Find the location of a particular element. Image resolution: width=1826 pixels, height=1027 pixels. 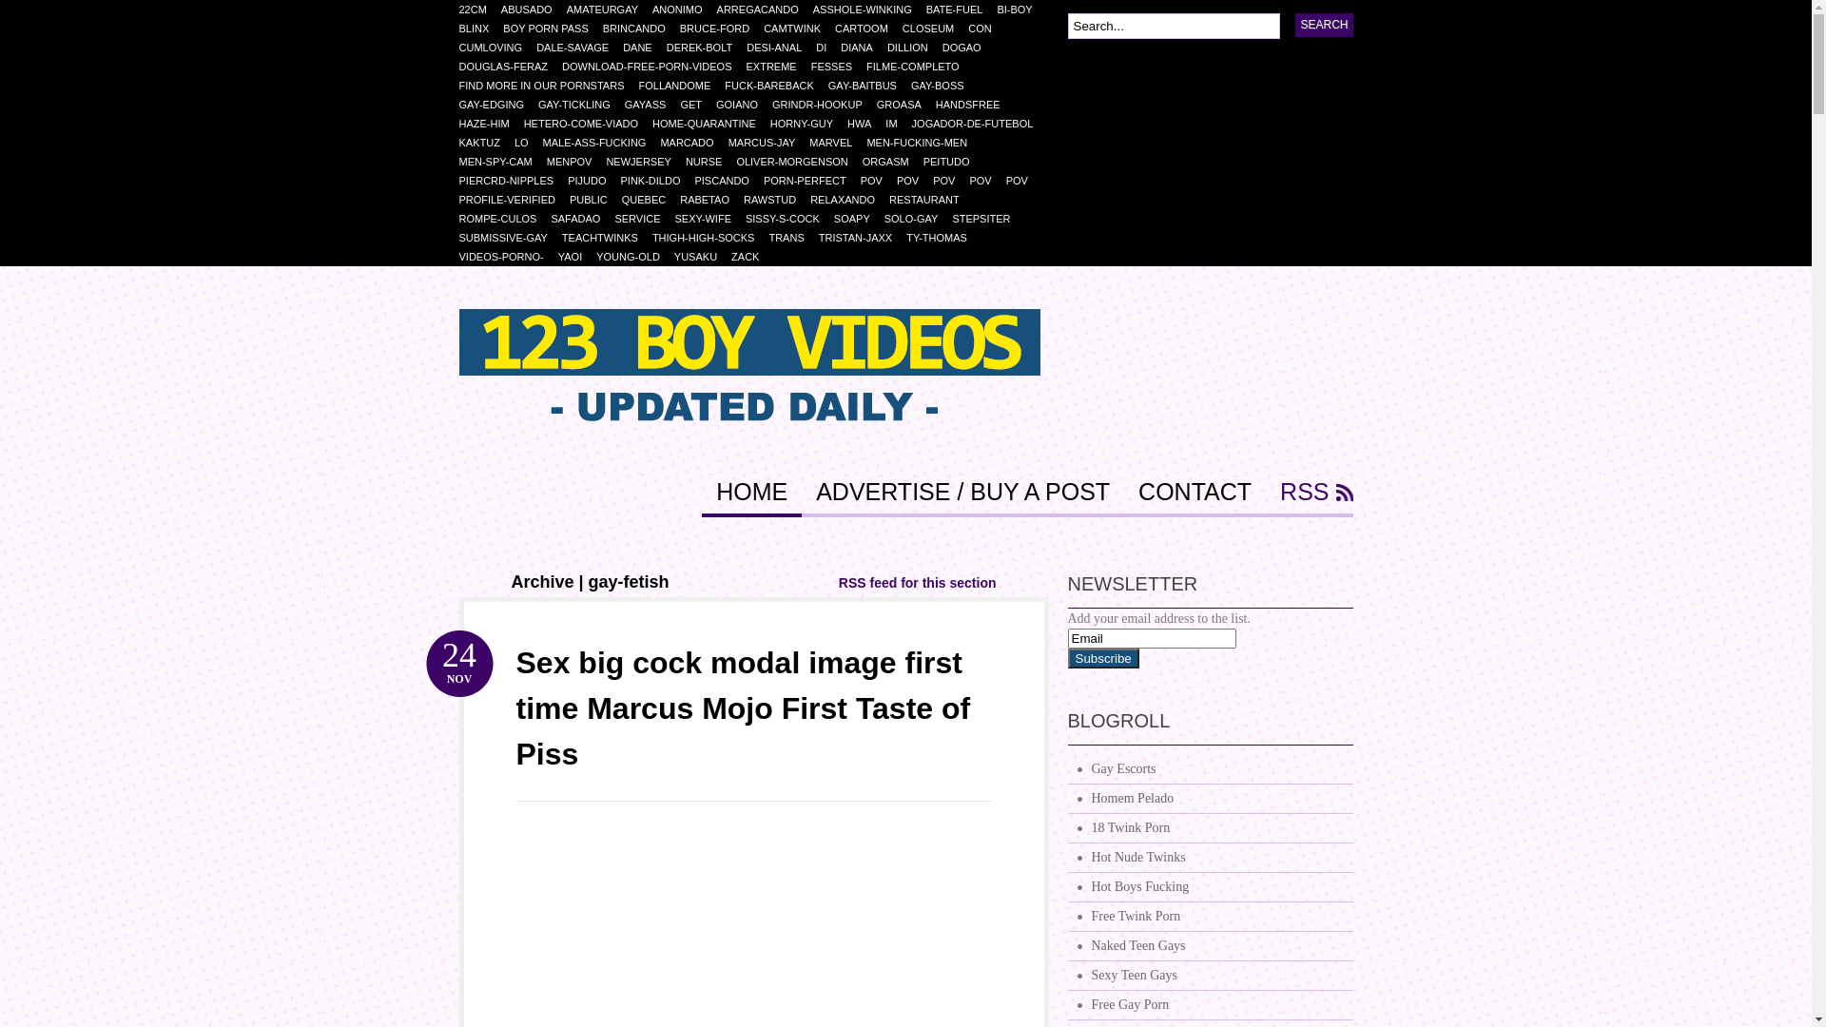

'GOIANO' is located at coordinates (743, 105).